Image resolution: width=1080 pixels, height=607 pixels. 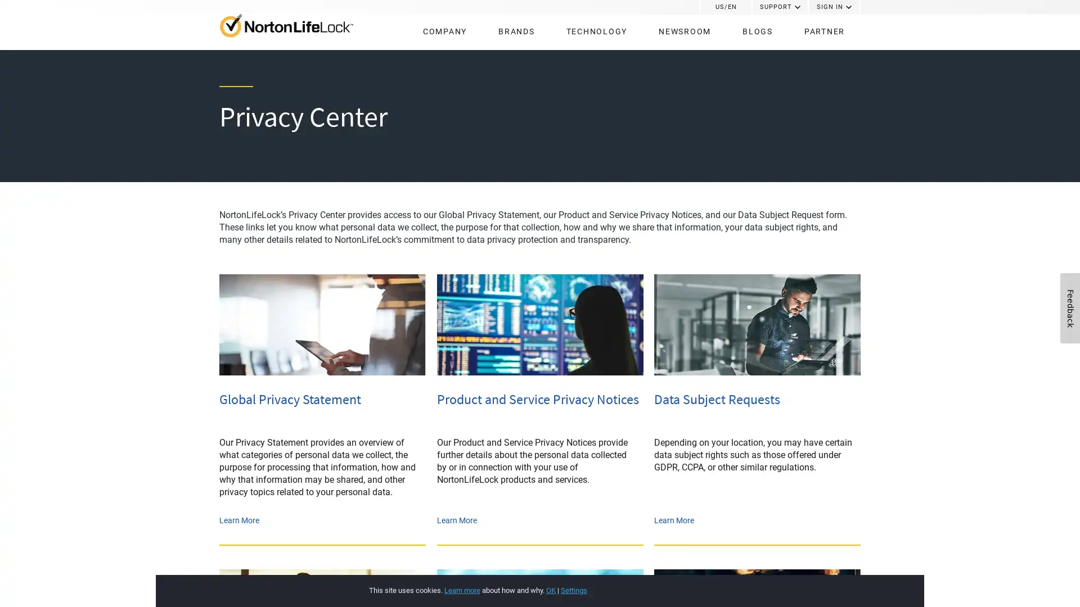 What do you see at coordinates (834, 578) in the screenshot?
I see `Close consent Widget` at bounding box center [834, 578].